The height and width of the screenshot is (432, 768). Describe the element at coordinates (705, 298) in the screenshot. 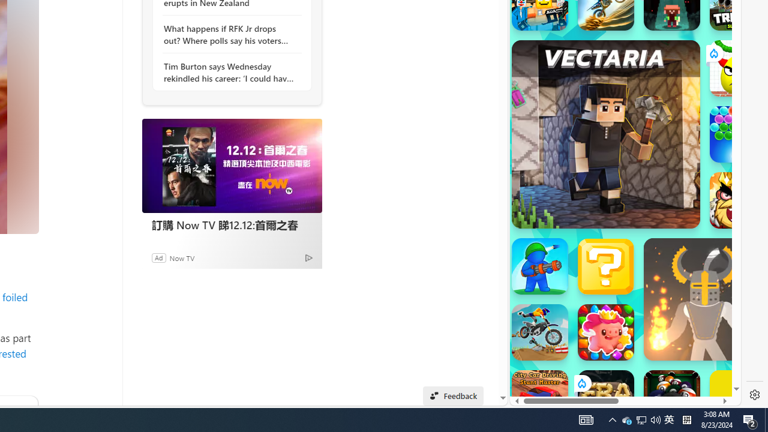

I see `'Ragdoll Hit'` at that location.